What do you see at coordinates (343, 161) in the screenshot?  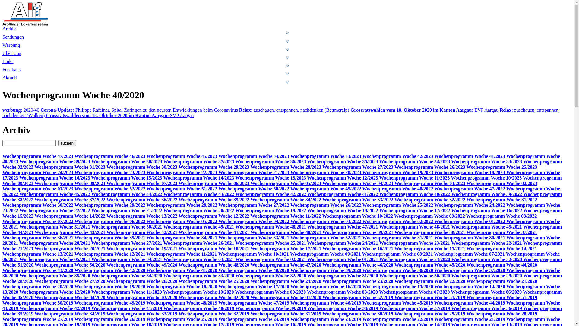 I see `'Wochenprogramm Woche 35/2023'` at bounding box center [343, 161].